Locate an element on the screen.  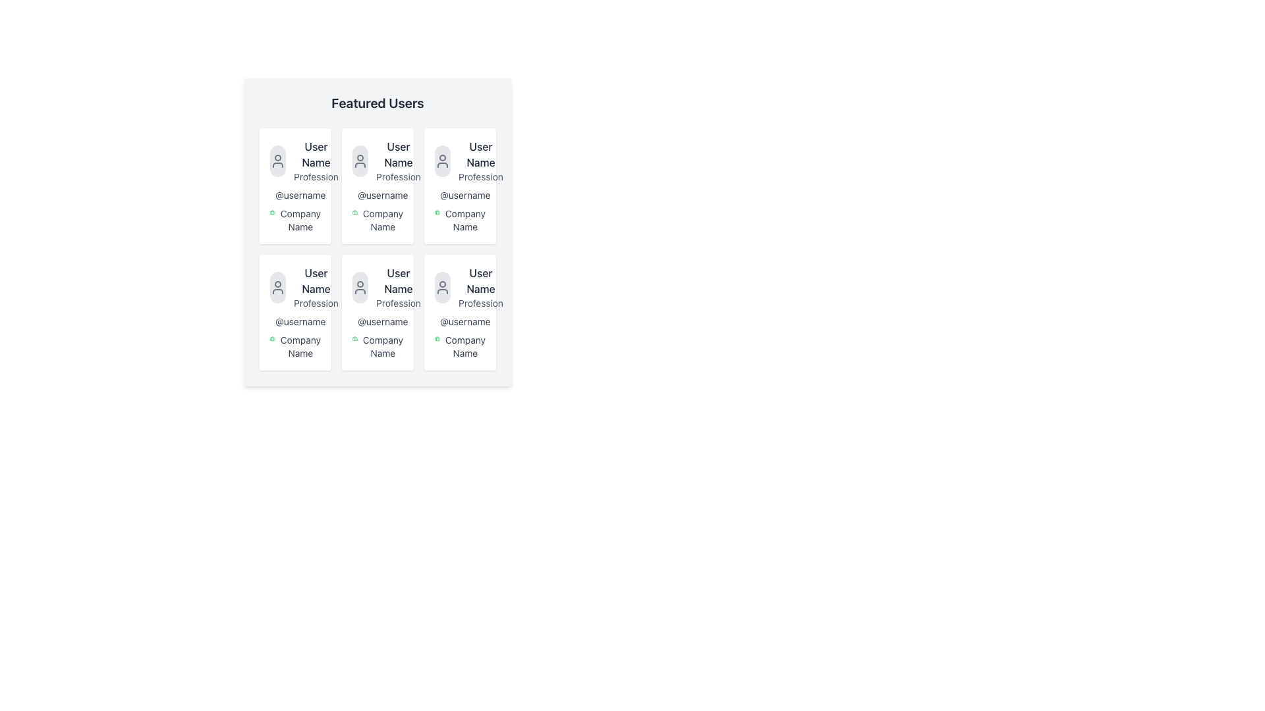
the green briefcase icon located next to the text 'Company Name' in the 'Featured Users' section is located at coordinates (354, 212).